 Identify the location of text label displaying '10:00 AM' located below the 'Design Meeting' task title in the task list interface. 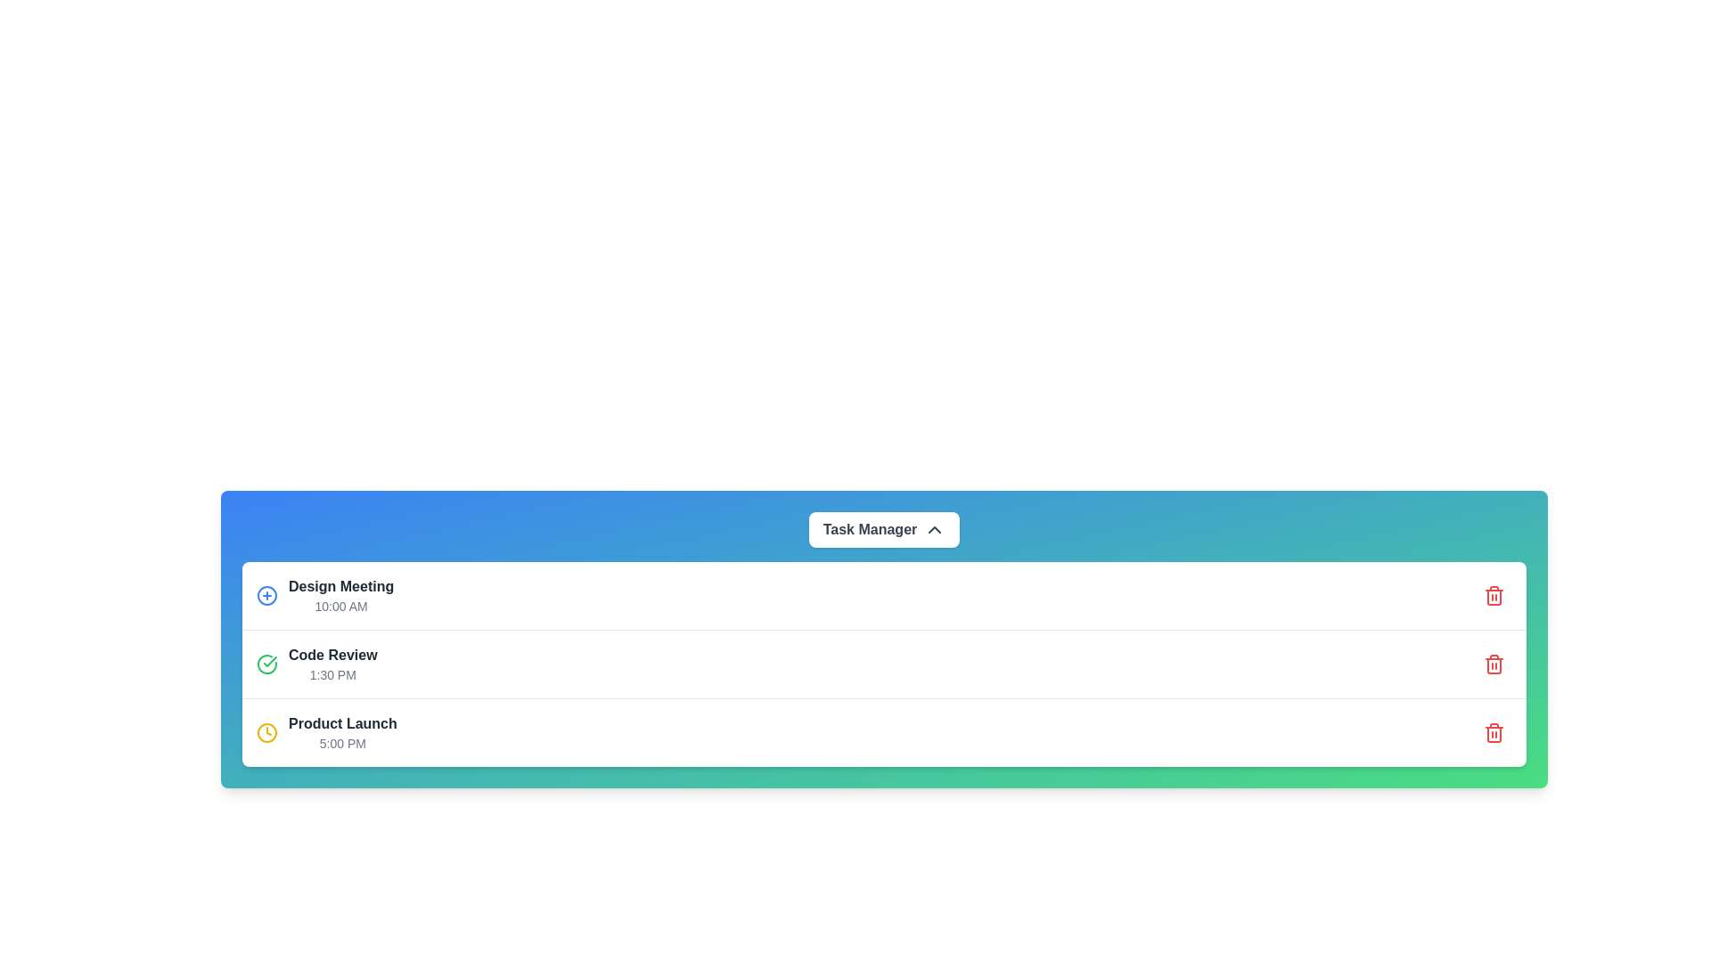
(341, 606).